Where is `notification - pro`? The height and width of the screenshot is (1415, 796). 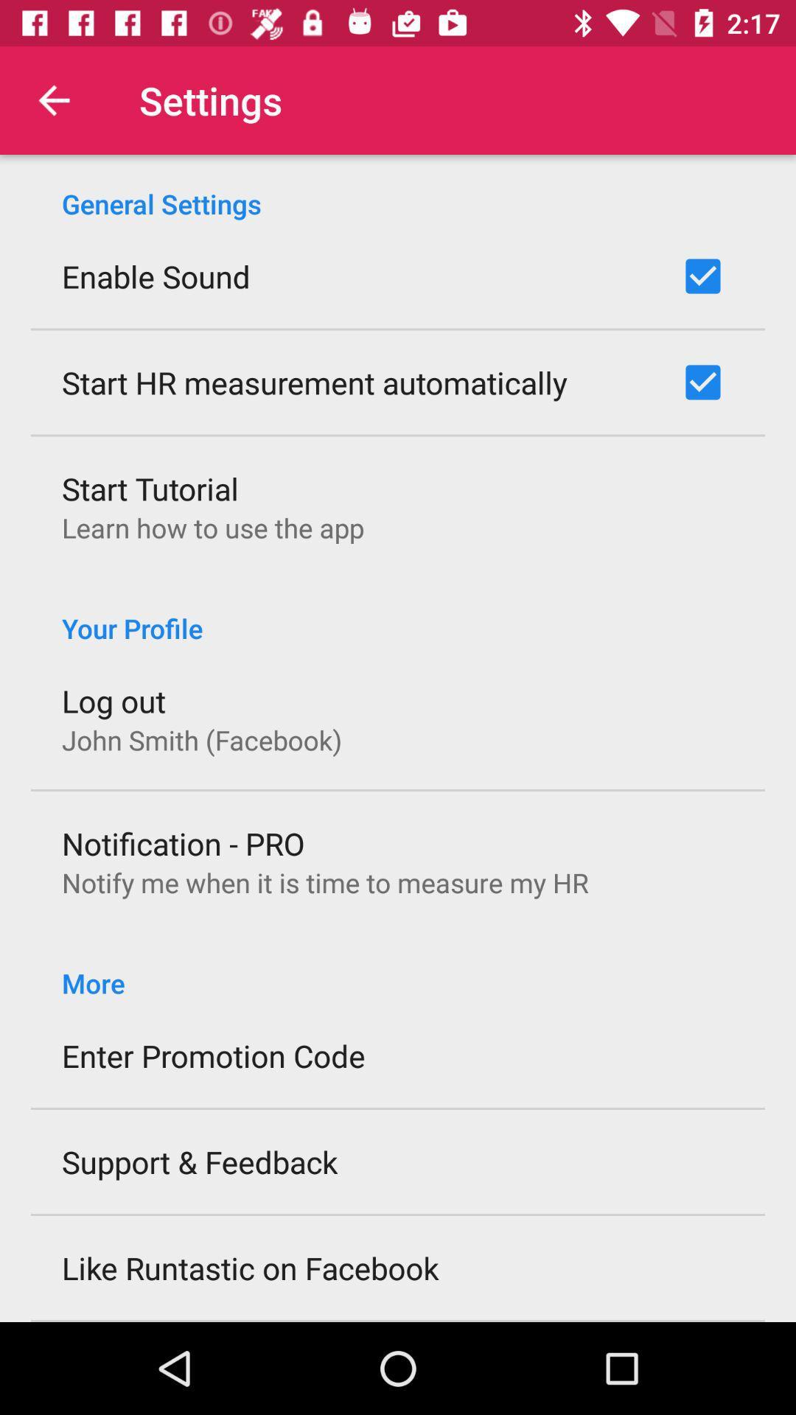 notification - pro is located at coordinates (183, 843).